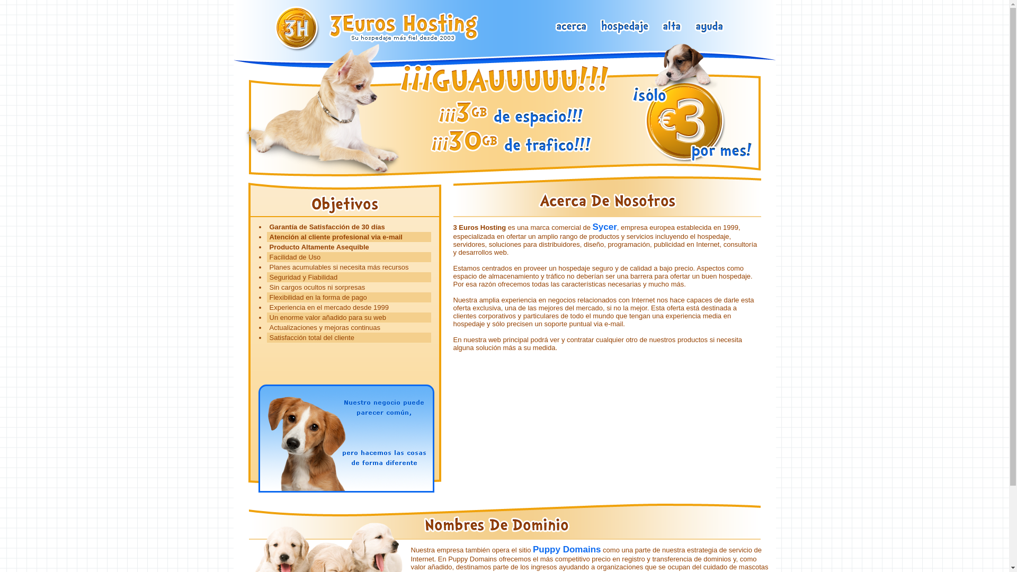 The width and height of the screenshot is (1017, 572). Describe the element at coordinates (592, 226) in the screenshot. I see `'Sycer'` at that location.